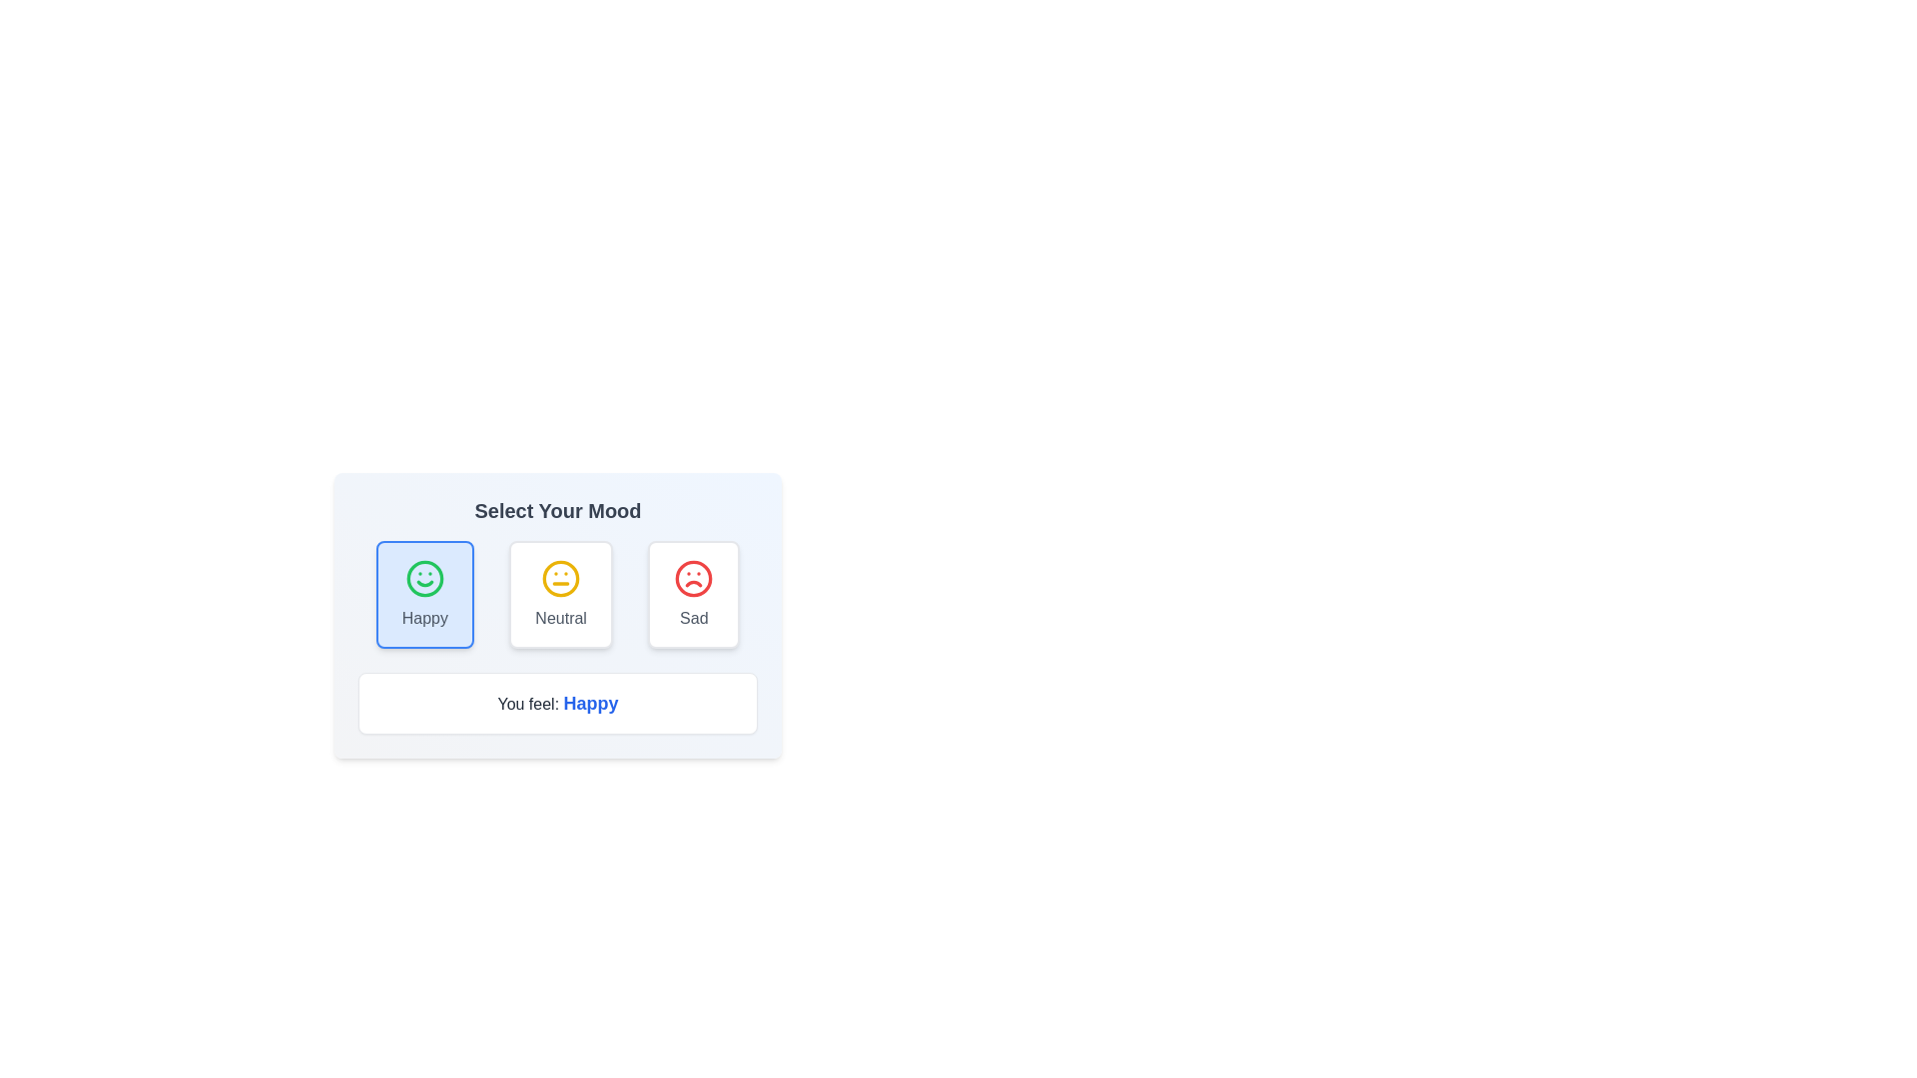  I want to click on text label 'Neutral' located at the bottom of the middle card in a three-card set, beneath the yellow neutral face icon, so click(560, 618).